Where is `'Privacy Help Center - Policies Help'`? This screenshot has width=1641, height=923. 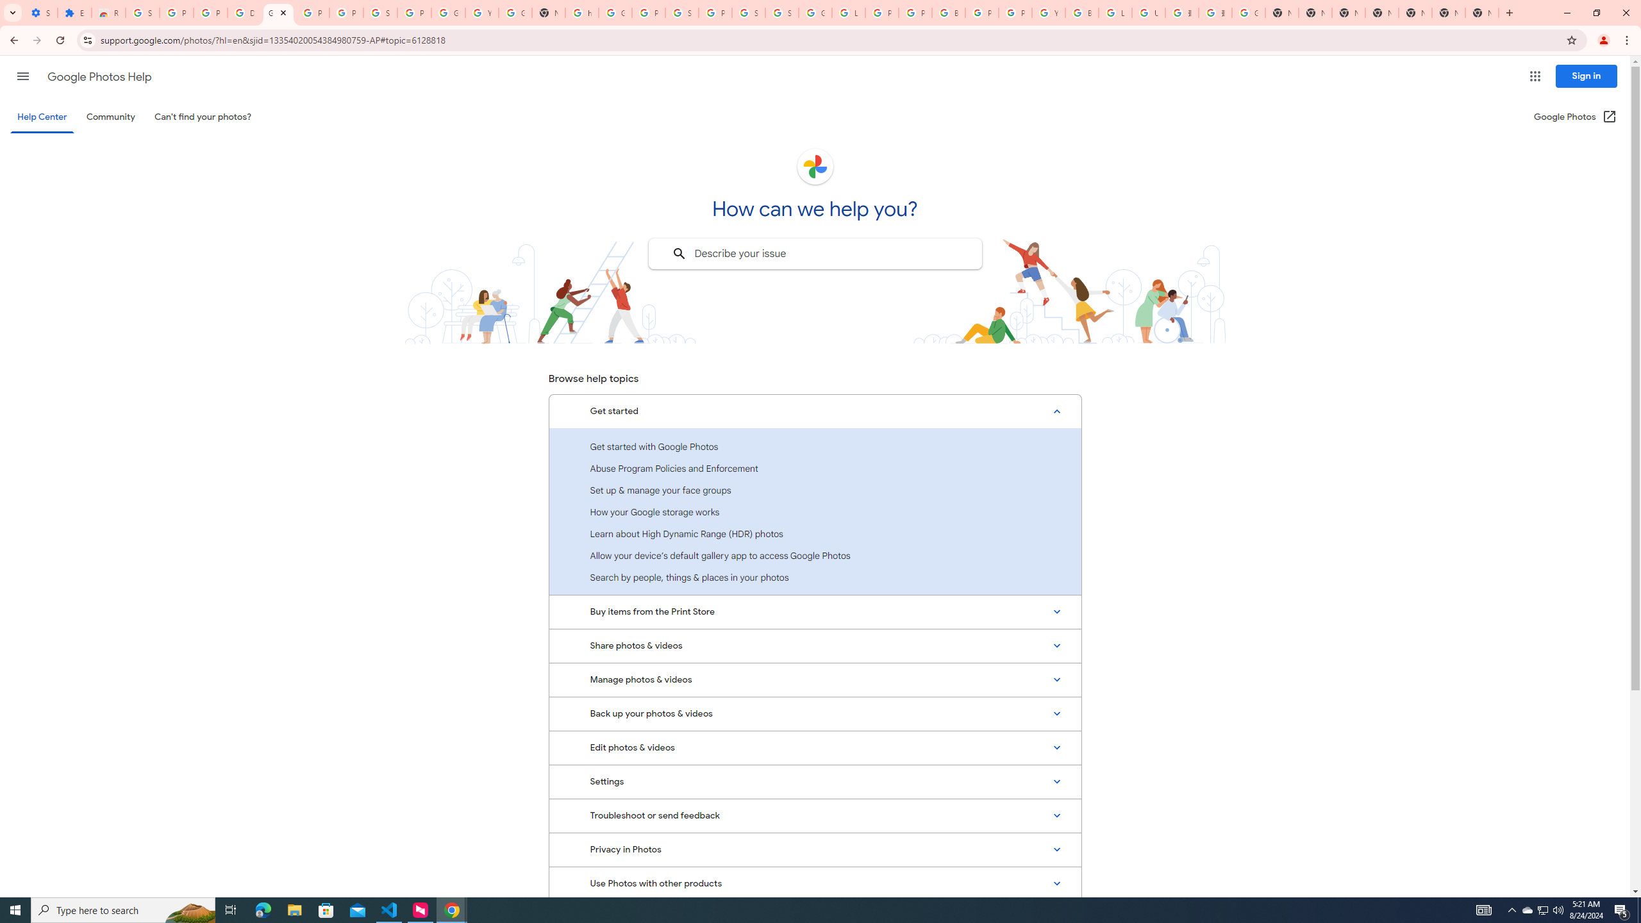 'Privacy Help Center - Policies Help' is located at coordinates (914, 12).